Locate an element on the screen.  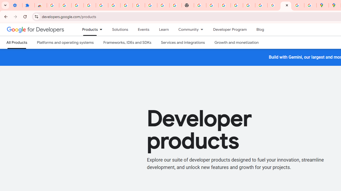
'Reviews: Helix Fruit Jump Arcade Game' is located at coordinates (40, 5).